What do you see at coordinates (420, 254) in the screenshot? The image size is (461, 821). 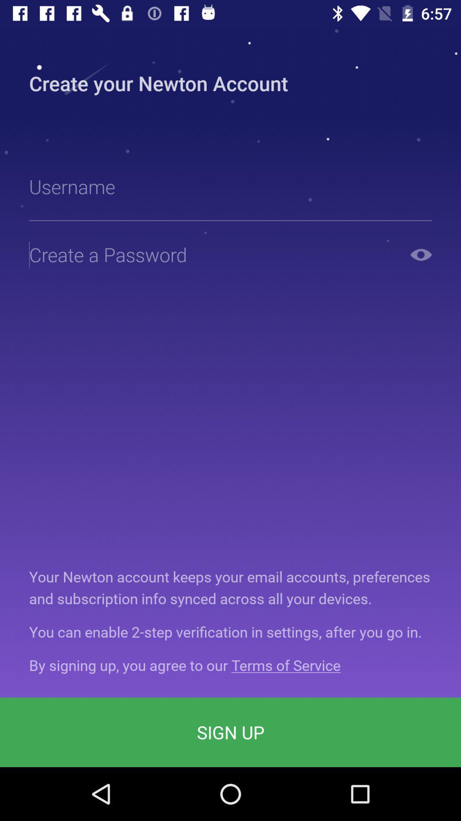 I see `the minus icon` at bounding box center [420, 254].